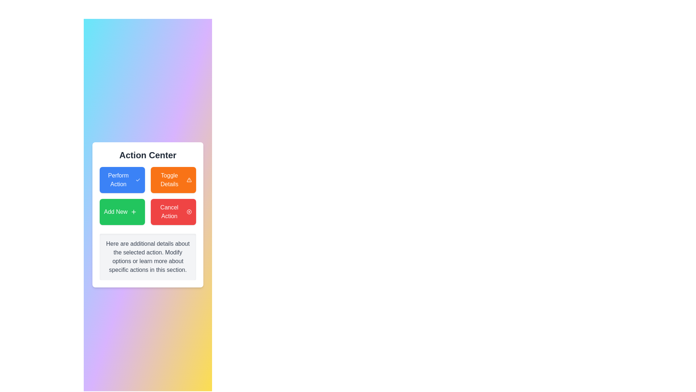  What do you see at coordinates (189, 180) in the screenshot?
I see `the orange triangle icon with a white border and a warning exclamation mark, which is part of the 'Toggle Details' button located in the Action Center` at bounding box center [189, 180].